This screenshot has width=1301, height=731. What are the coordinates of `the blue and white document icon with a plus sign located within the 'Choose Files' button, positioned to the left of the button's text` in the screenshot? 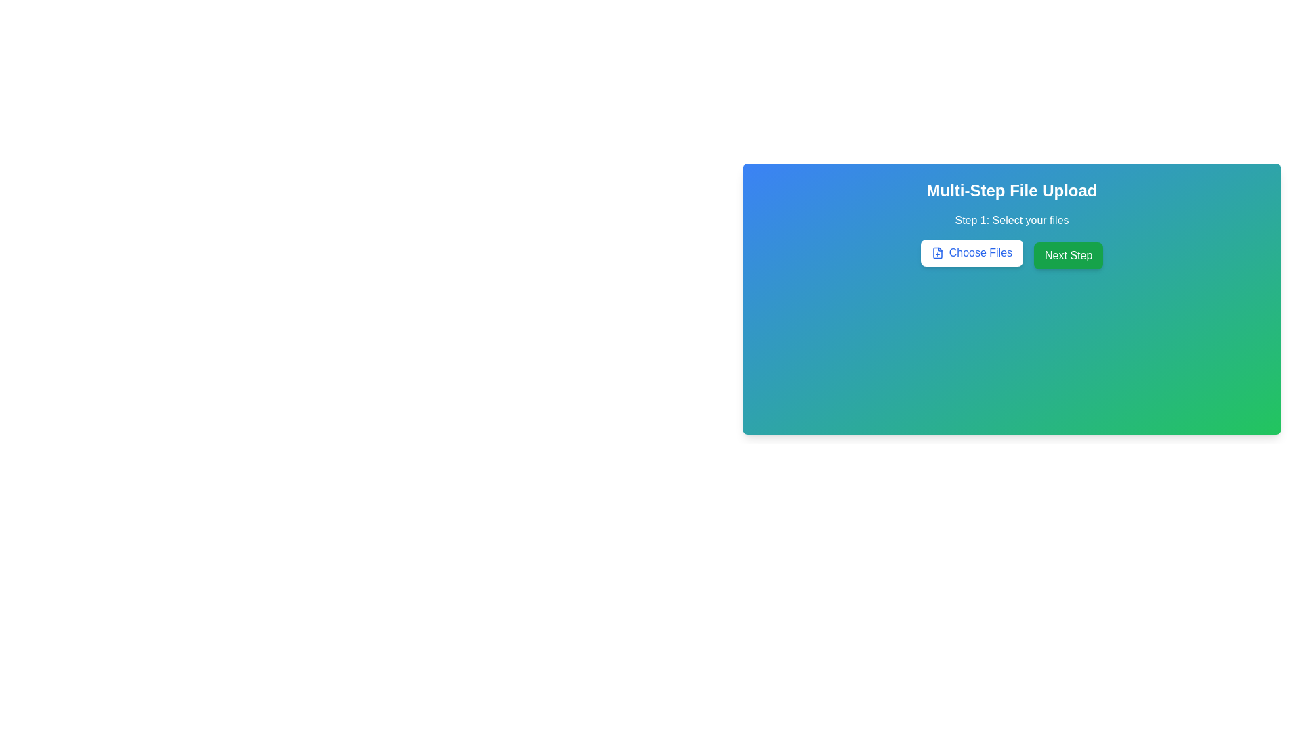 It's located at (936, 253).